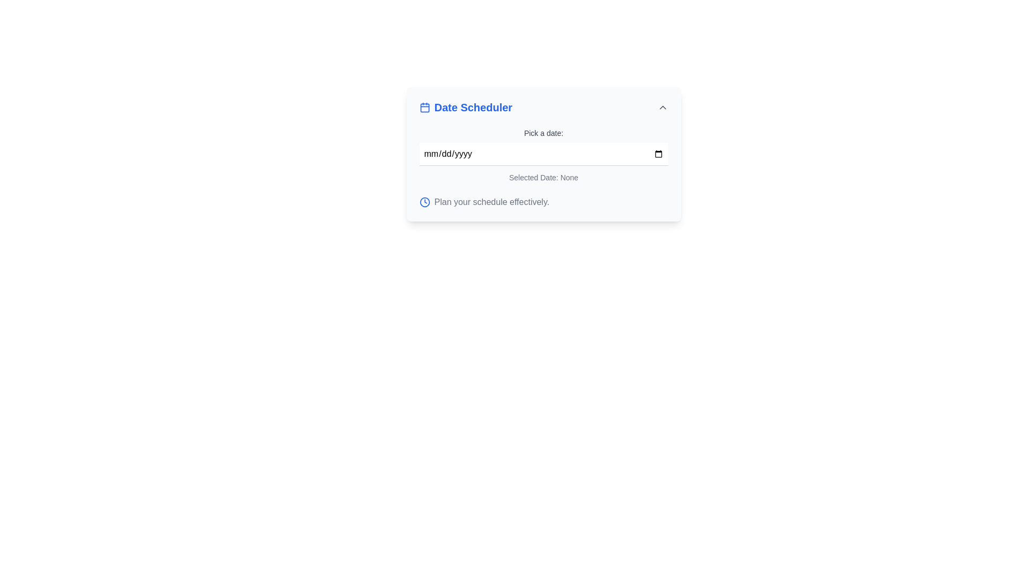 This screenshot has height=578, width=1029. Describe the element at coordinates (424, 107) in the screenshot. I see `the calendar icon, which is blue and minimalist, located in the header section of the 'Date Scheduler' component` at that location.